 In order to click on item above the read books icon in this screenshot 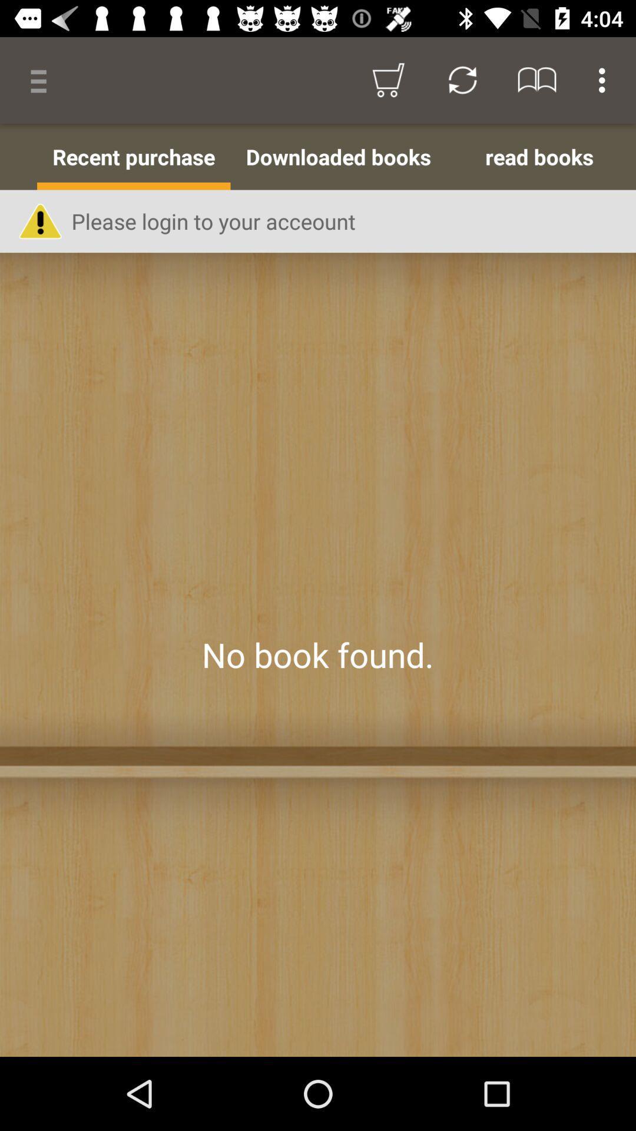, I will do `click(605, 80)`.